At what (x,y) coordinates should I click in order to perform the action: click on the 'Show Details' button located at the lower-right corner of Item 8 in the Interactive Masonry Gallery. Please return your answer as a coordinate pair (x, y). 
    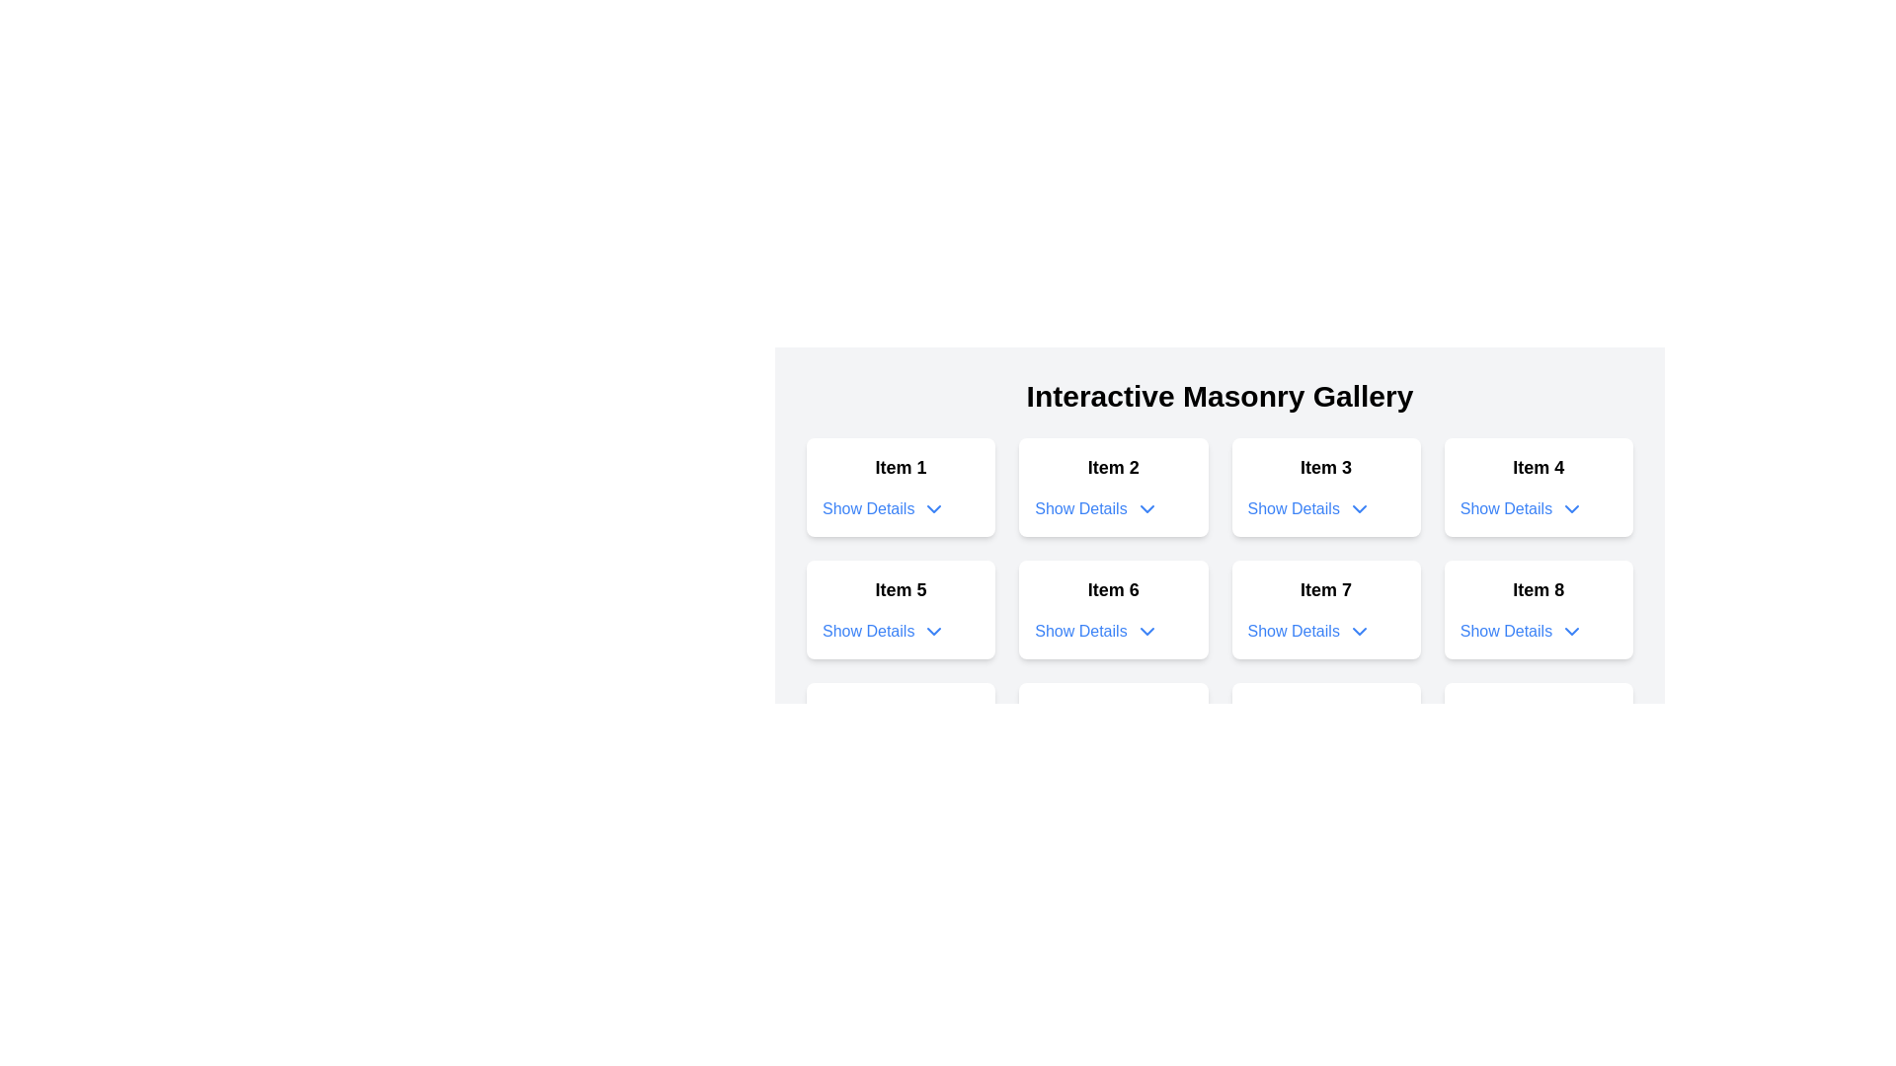
    Looking at the image, I should click on (1521, 632).